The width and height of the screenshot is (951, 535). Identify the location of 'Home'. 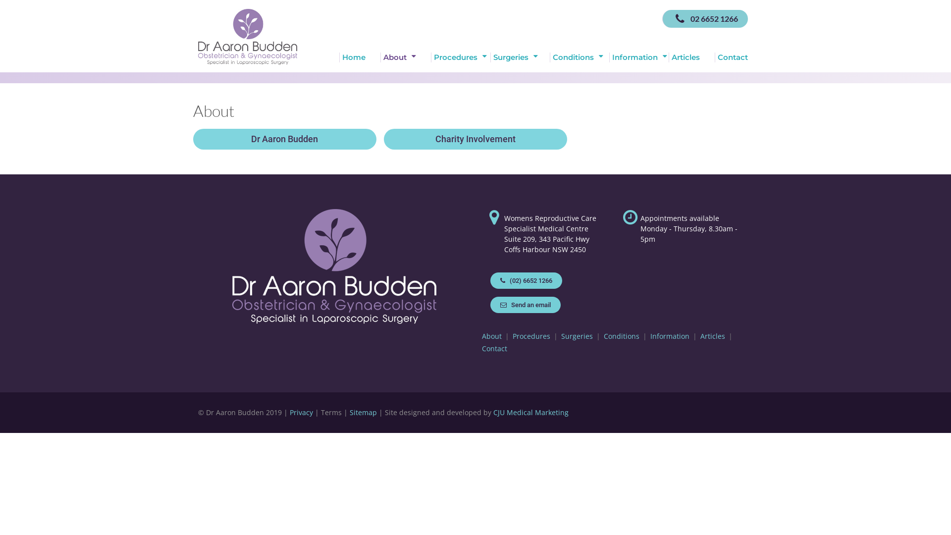
(359, 57).